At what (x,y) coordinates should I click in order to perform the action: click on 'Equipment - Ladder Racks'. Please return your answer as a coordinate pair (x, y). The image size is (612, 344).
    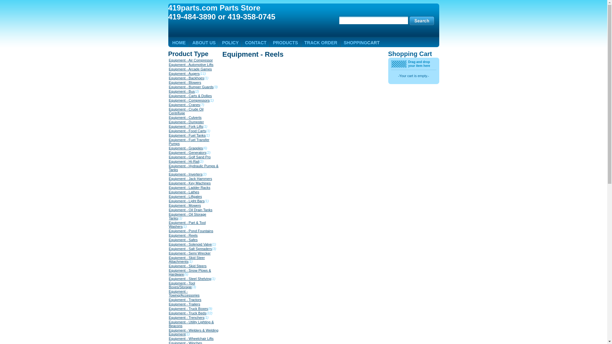
    Looking at the image, I should click on (189, 187).